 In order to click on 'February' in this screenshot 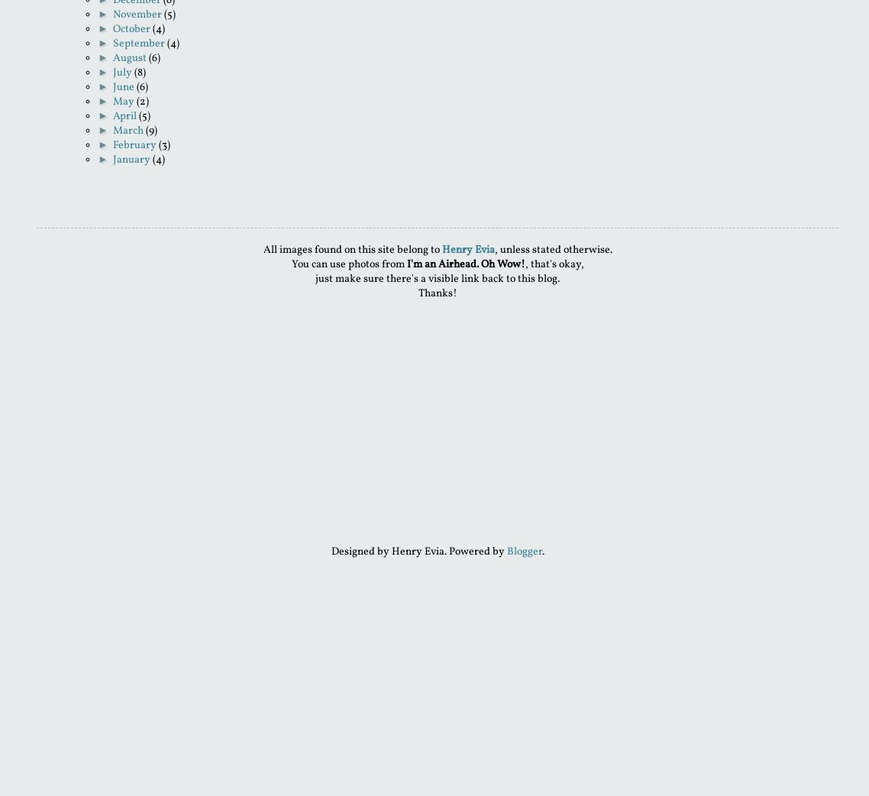, I will do `click(134, 144)`.